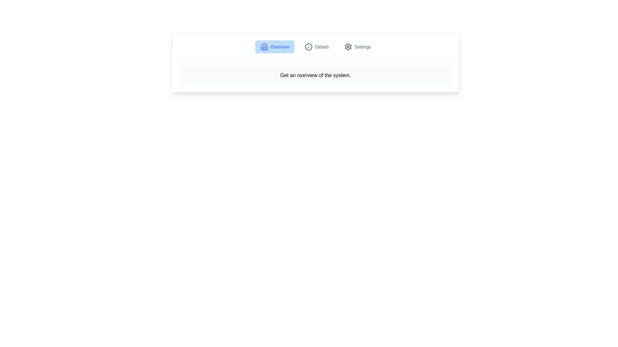  What do you see at coordinates (317, 47) in the screenshot?
I see `the 'Details' button located between the 'Overview' button and the 'Settings' button in the horizontal navigation bar` at bounding box center [317, 47].